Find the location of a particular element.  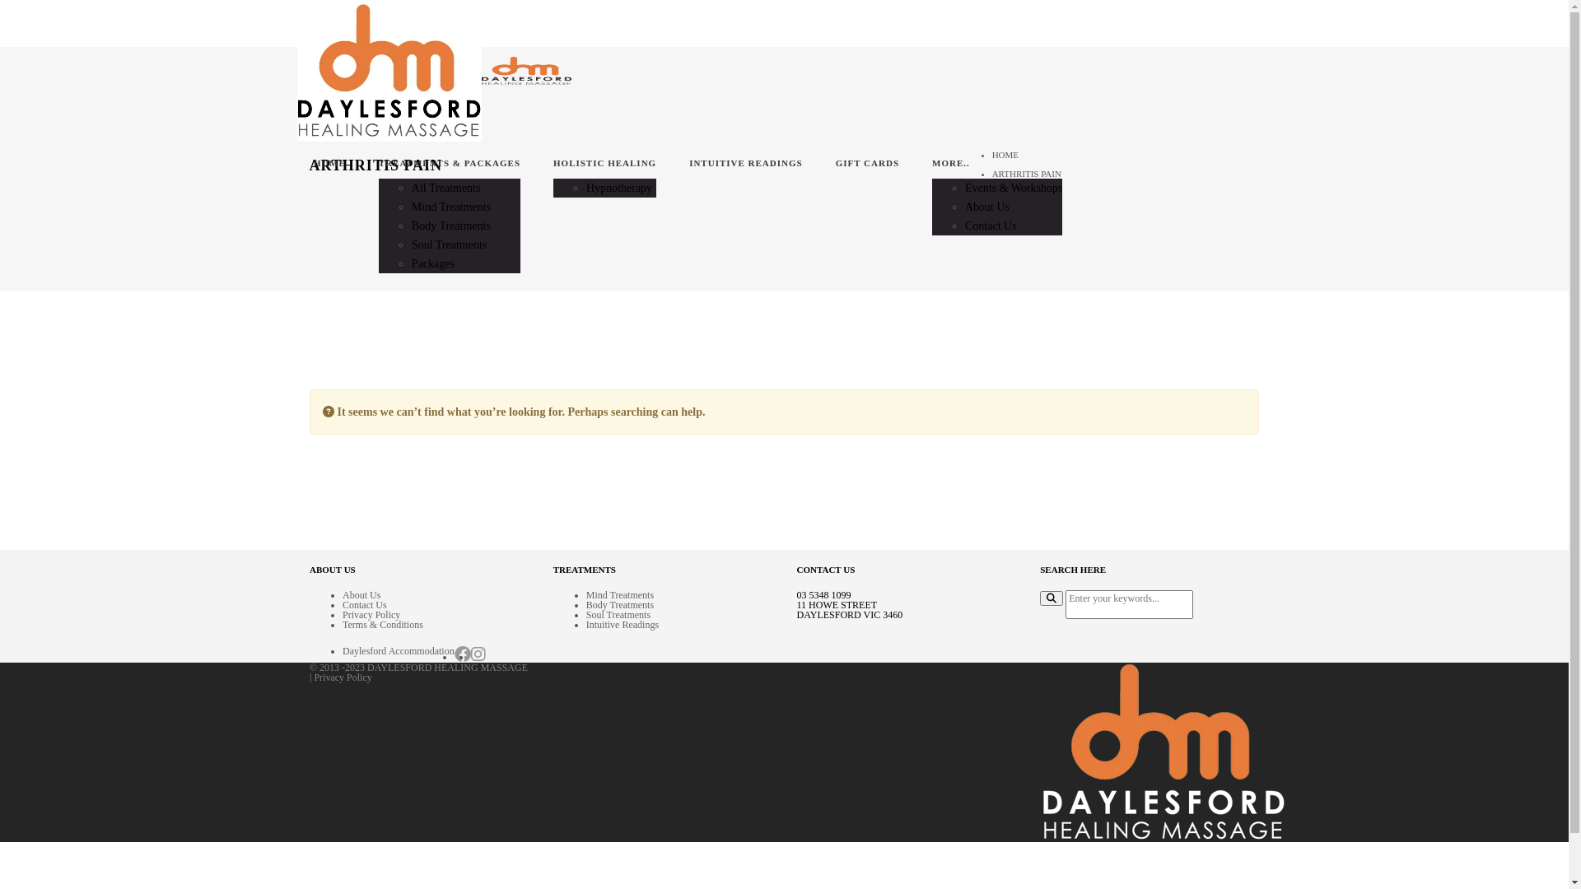

'03 5348 1099' is located at coordinates (824, 594).